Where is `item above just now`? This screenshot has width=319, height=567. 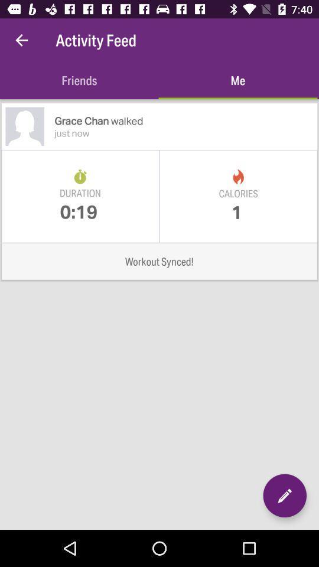
item above just now is located at coordinates (185, 120).